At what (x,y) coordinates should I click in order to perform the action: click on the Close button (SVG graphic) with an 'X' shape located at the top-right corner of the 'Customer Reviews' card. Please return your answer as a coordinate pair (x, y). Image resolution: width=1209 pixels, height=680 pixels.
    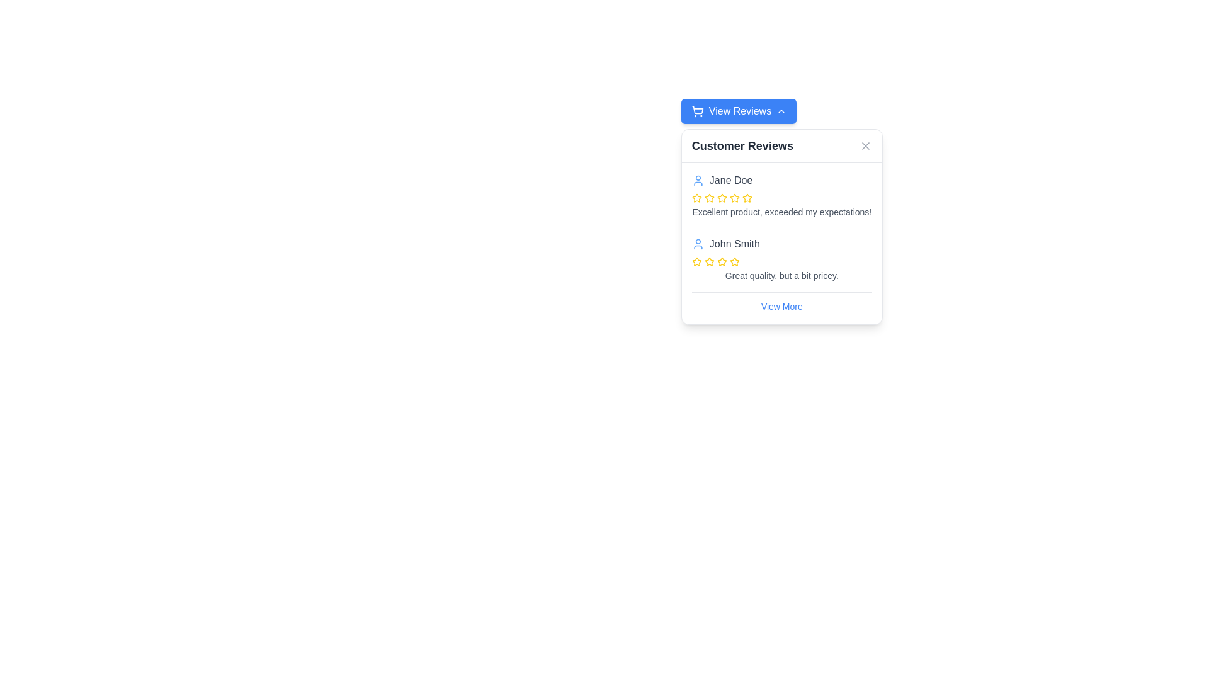
    Looking at the image, I should click on (865, 145).